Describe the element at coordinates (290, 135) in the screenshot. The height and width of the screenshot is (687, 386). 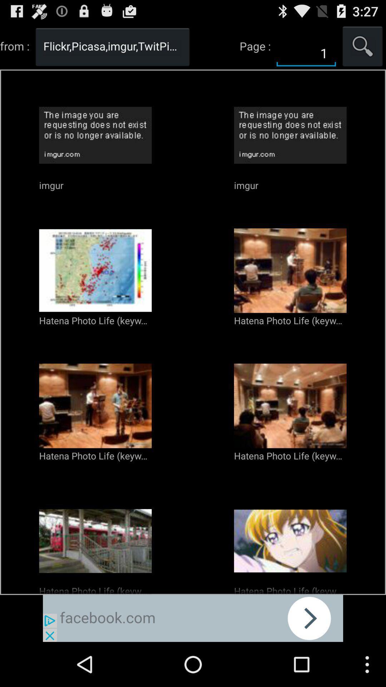
I see `the first image in the second column` at that location.